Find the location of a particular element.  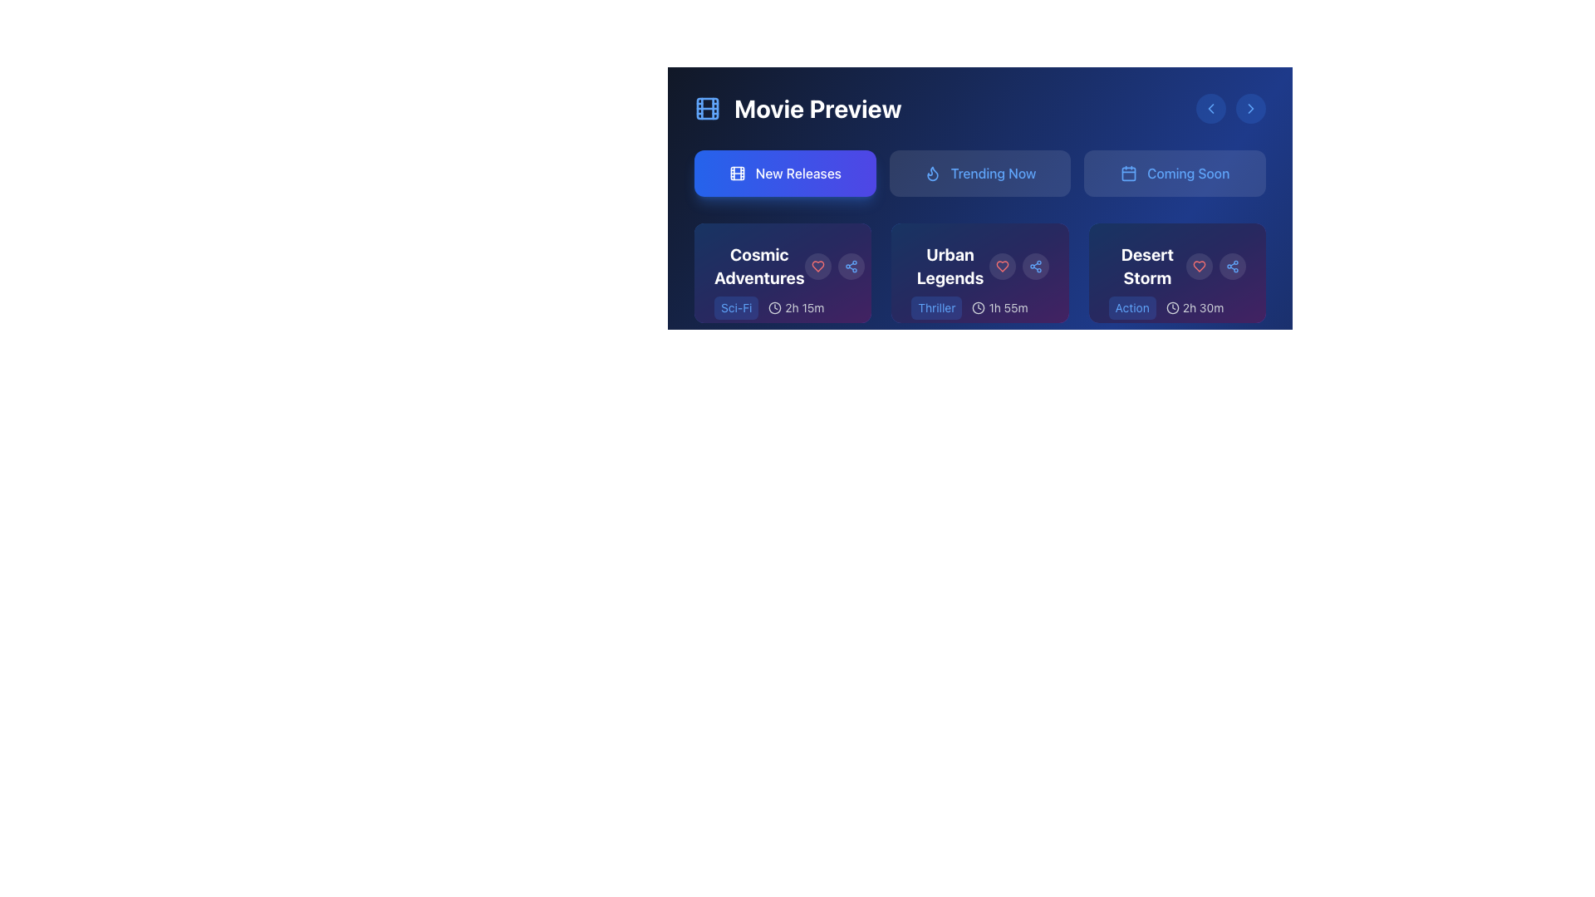

the decorative SVG rectangle element that is part of the film reel icon located at the top-left corner of the interface is located at coordinates (707, 109).